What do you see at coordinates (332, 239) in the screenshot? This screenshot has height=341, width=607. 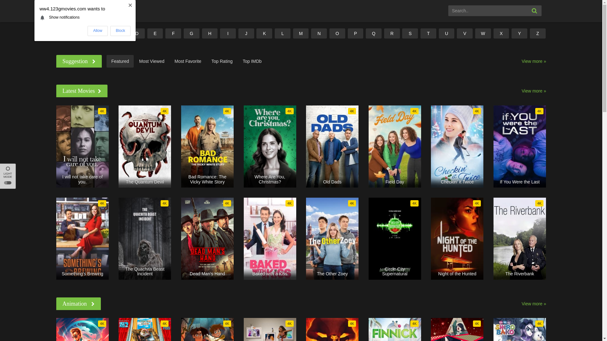 I see `'4K` at bounding box center [332, 239].